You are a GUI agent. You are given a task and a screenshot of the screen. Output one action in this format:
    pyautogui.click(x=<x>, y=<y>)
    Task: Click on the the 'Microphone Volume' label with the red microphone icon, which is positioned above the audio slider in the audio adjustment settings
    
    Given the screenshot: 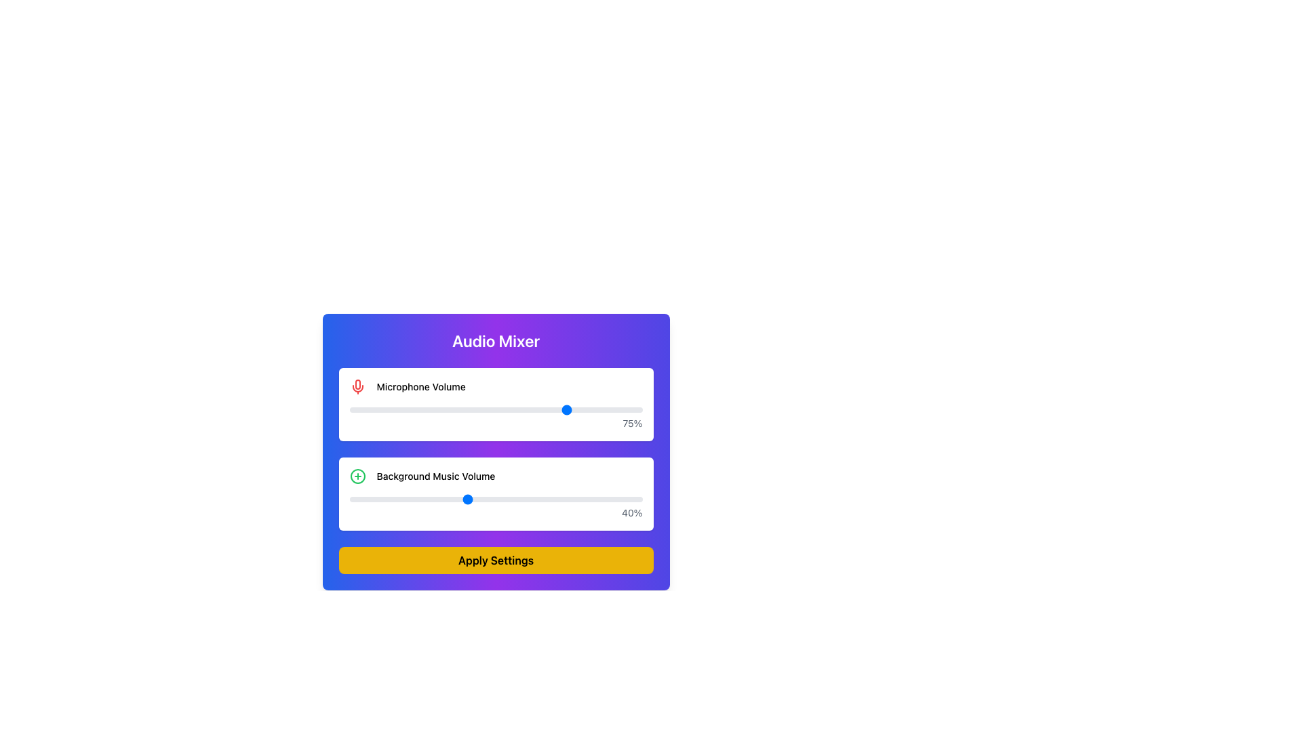 What is the action you would take?
    pyautogui.click(x=495, y=386)
    